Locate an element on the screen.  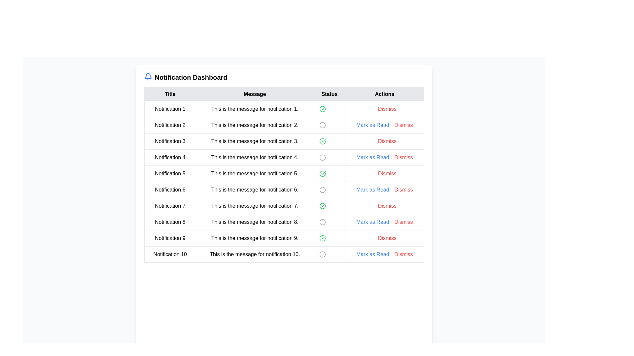
the 'Mark as Read' text button in the 'Actions' column for the 'Notification 2' row to mark the notification as read is located at coordinates (384, 125).